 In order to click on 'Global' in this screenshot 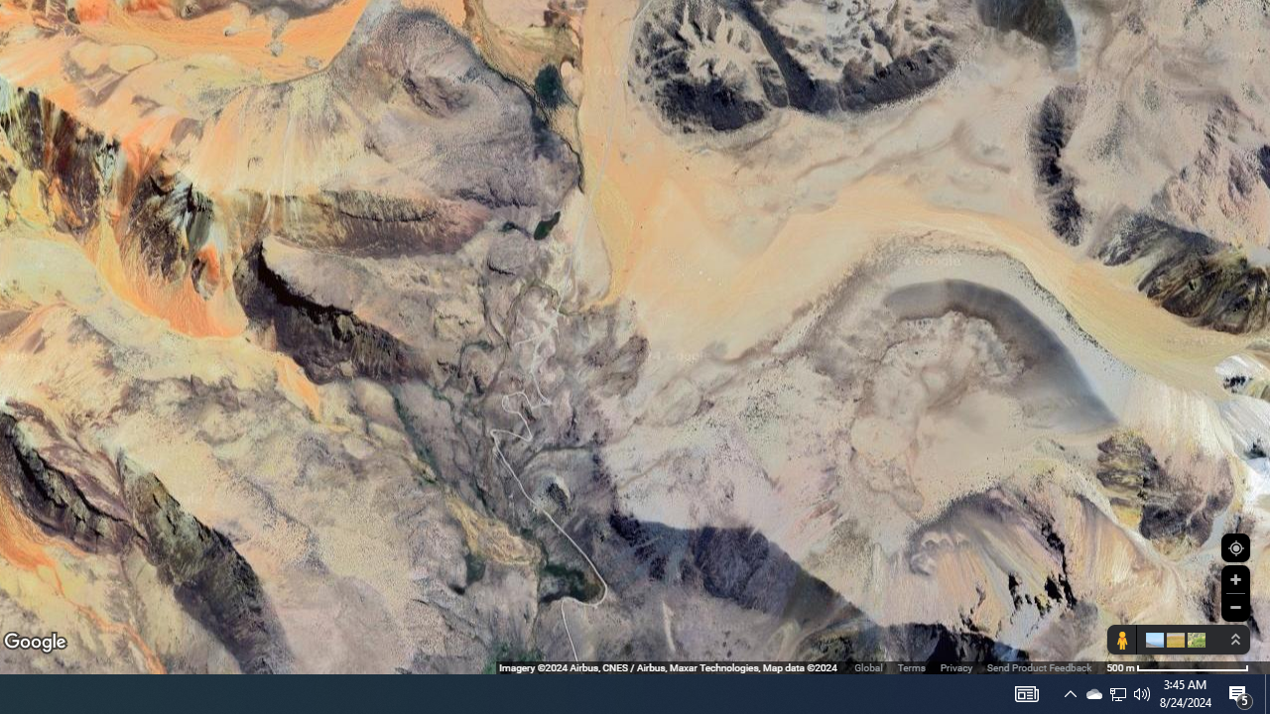, I will do `click(868, 667)`.